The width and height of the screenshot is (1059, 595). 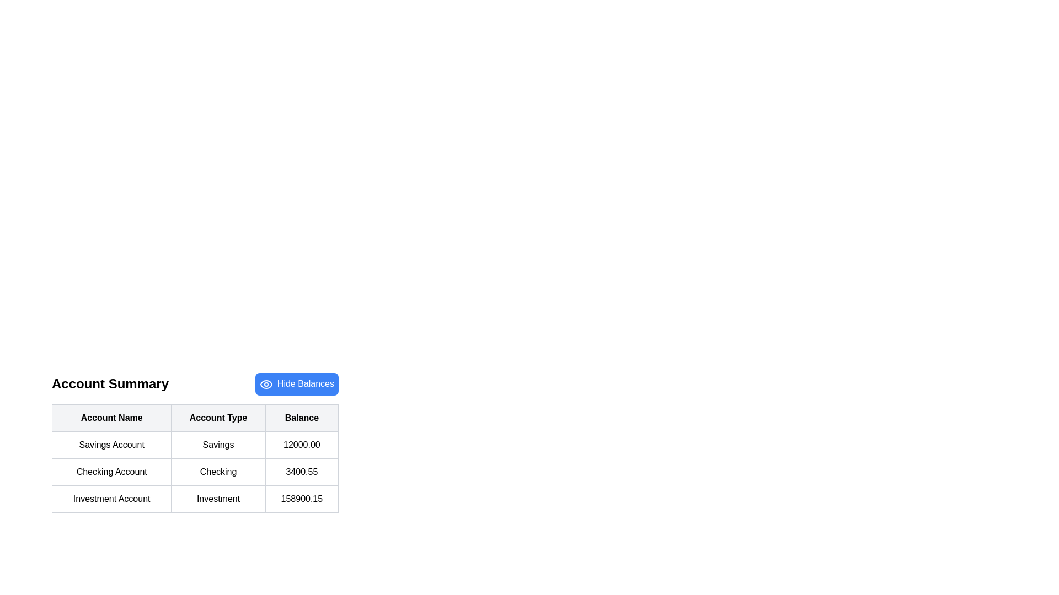 I want to click on the 'Savings' text label in the 'Account Summary' section, which categorizes the type of account associated with its row, so click(x=218, y=444).